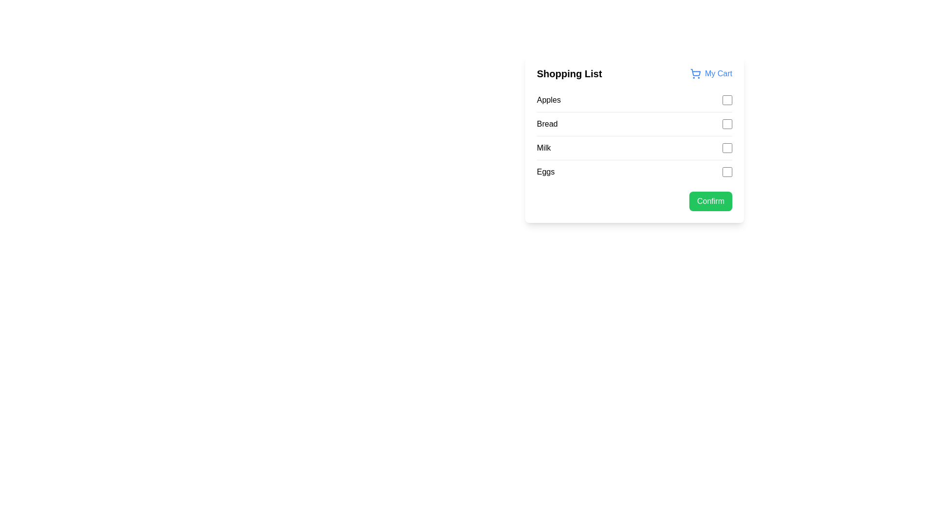  I want to click on the checkbox located next to the text 'Apples', so click(727, 100).